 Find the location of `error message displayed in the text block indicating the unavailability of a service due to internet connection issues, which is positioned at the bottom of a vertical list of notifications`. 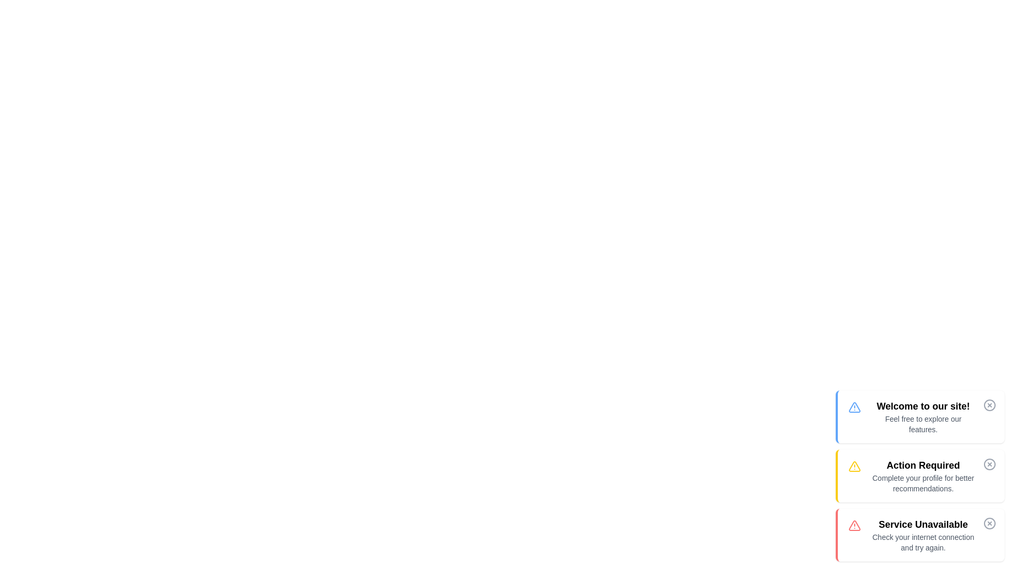

error message displayed in the text block indicating the unavailability of a service due to internet connection issues, which is positioned at the bottom of a vertical list of notifications is located at coordinates (923, 535).